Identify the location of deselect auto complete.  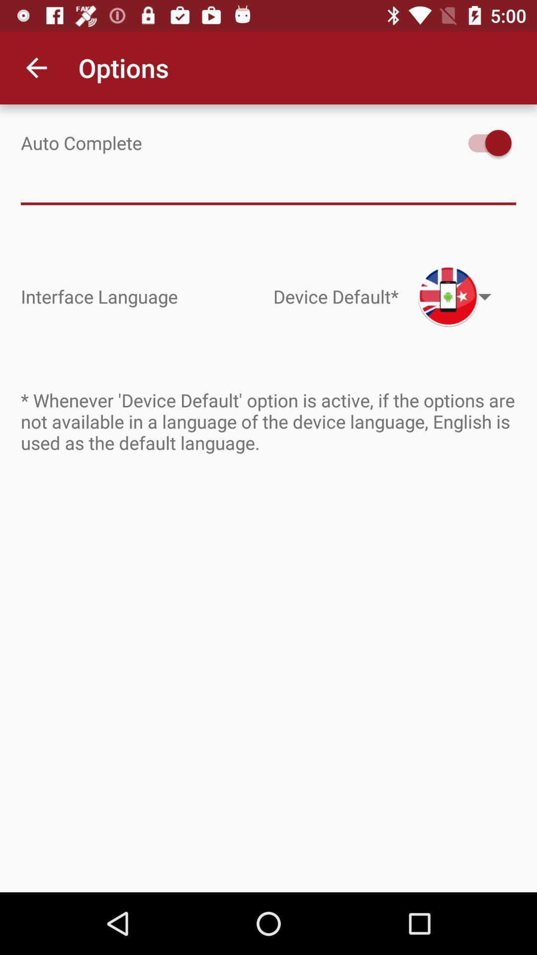
(484, 142).